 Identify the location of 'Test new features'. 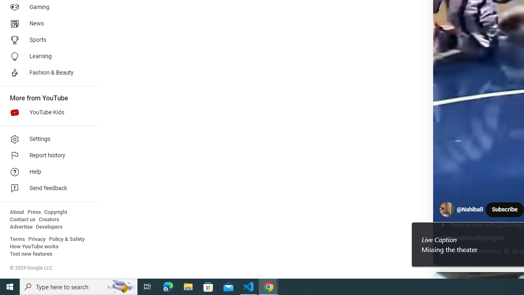
(31, 254).